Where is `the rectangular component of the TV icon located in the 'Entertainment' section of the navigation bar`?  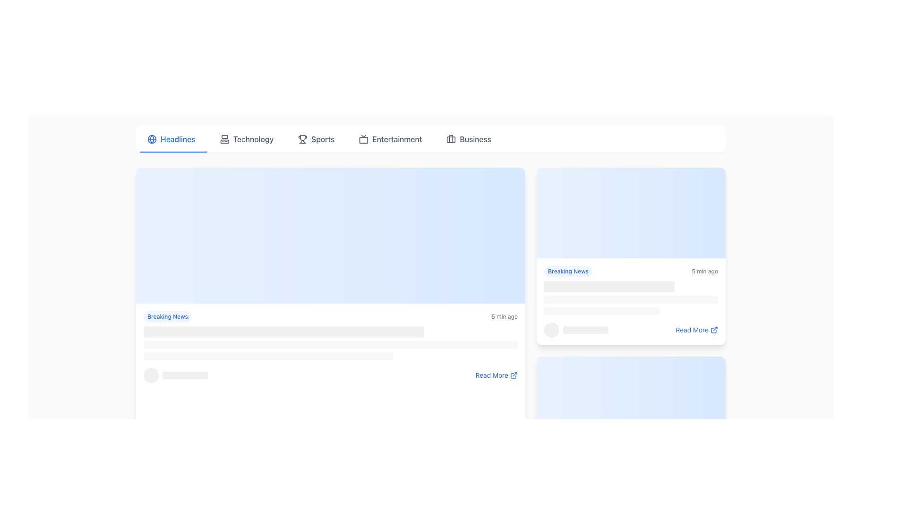 the rectangular component of the TV icon located in the 'Entertainment' section of the navigation bar is located at coordinates (363, 140).